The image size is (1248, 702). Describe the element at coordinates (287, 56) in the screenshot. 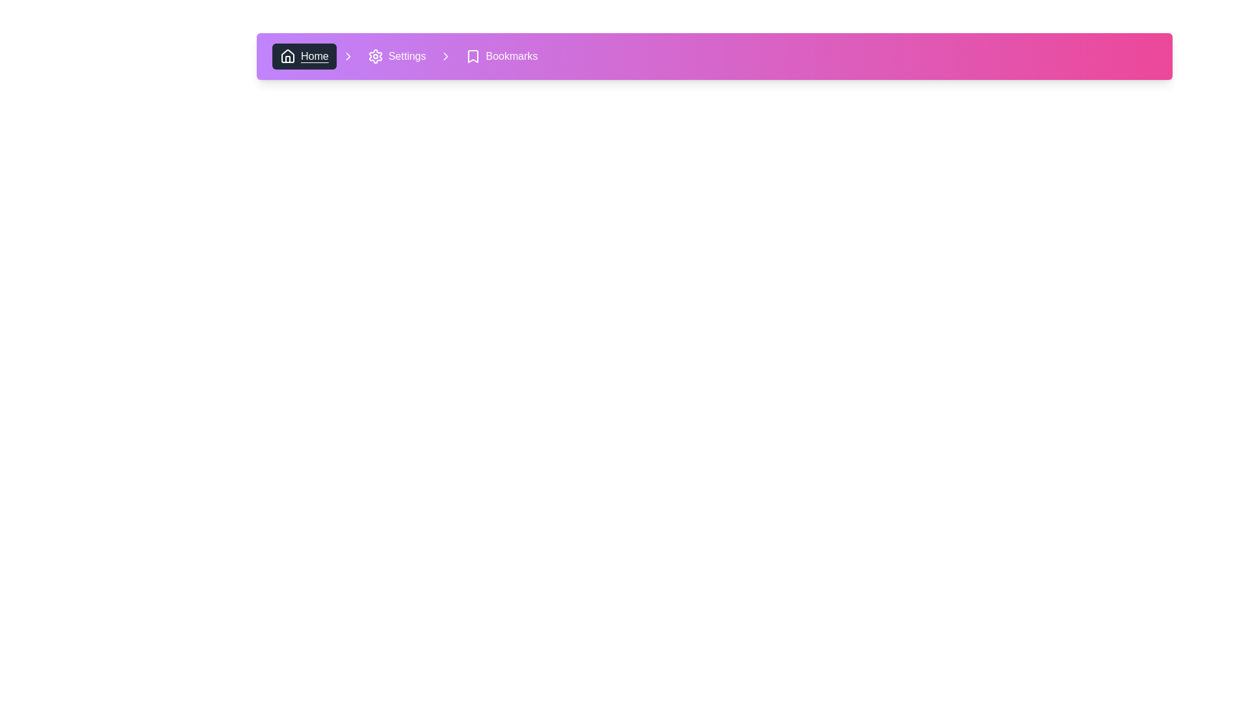

I see `the 'Home' icon located at the leftmost position of the navigation bar` at that location.